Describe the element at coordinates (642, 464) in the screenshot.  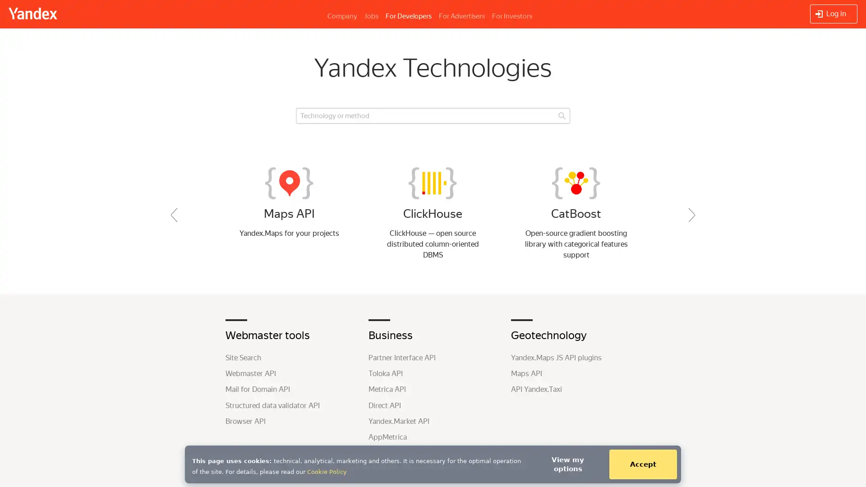
I see `Accept` at that location.